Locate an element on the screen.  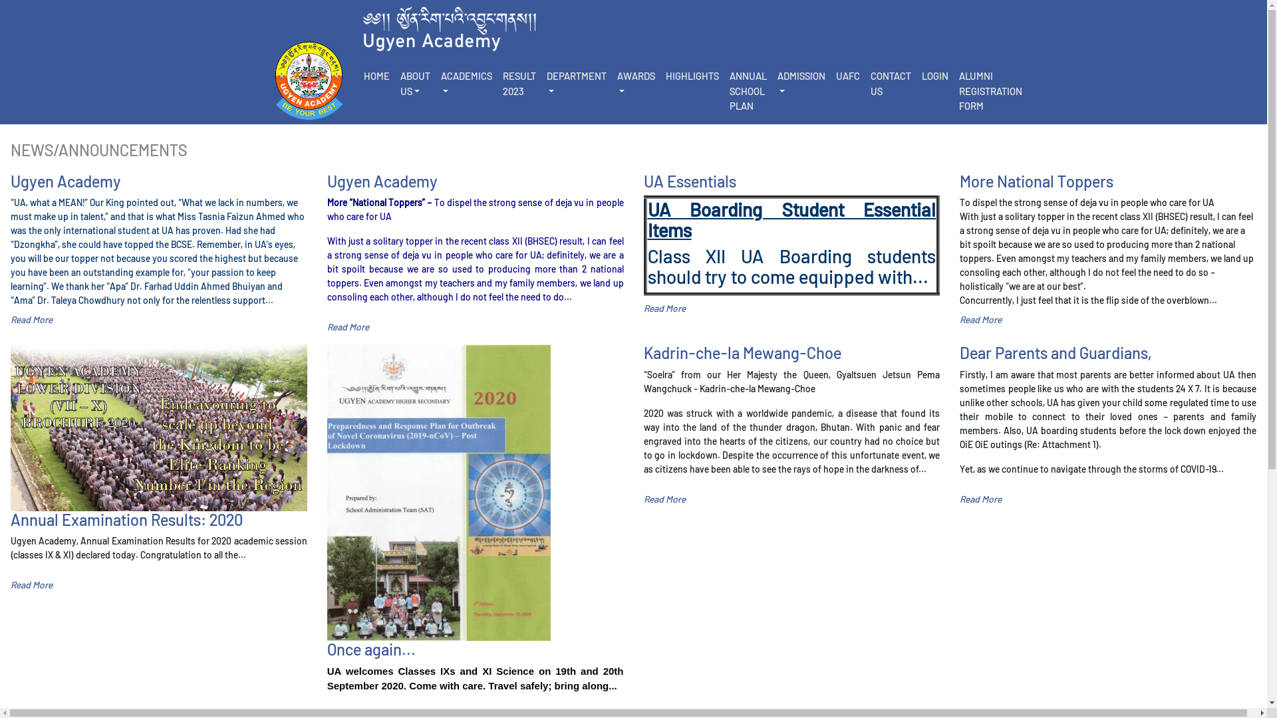
'ABOUT US' is located at coordinates (414, 83).